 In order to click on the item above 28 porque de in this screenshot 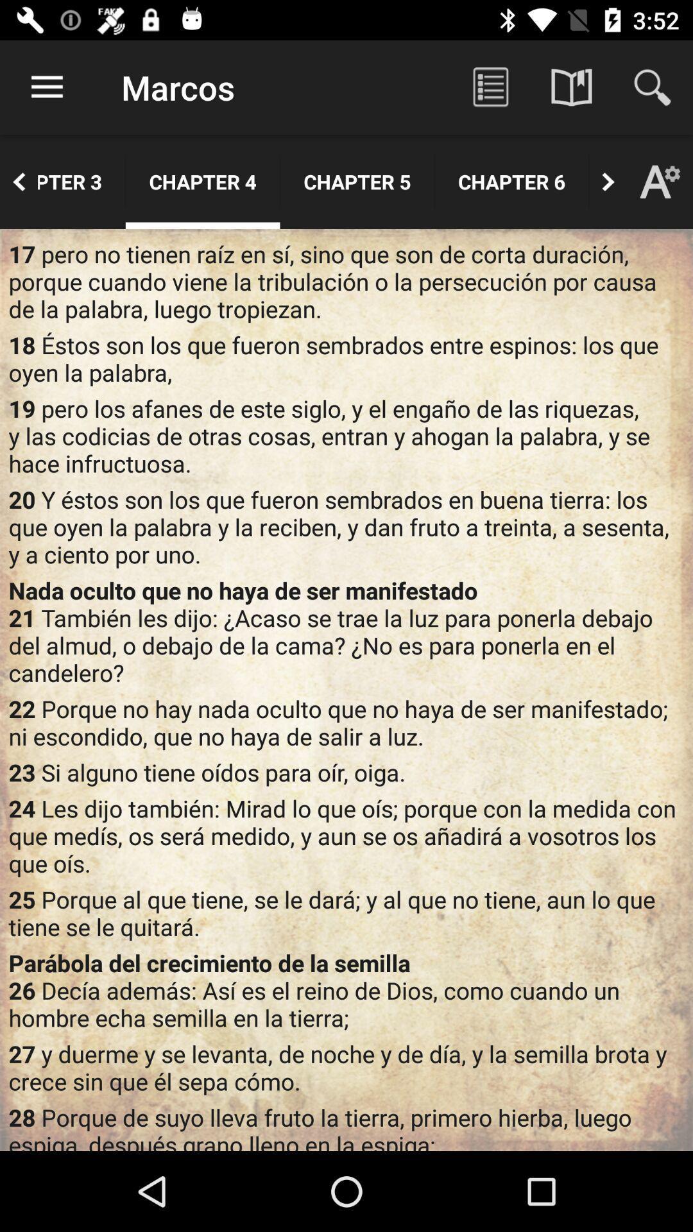, I will do `click(346, 1067)`.